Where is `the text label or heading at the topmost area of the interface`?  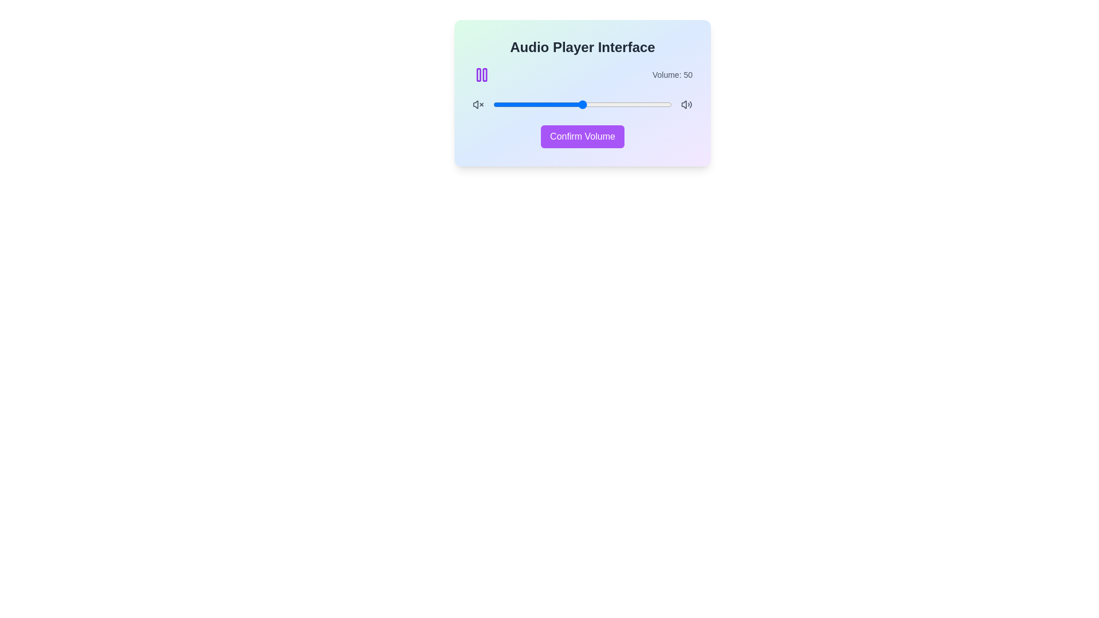 the text label or heading at the topmost area of the interface is located at coordinates (582, 47).